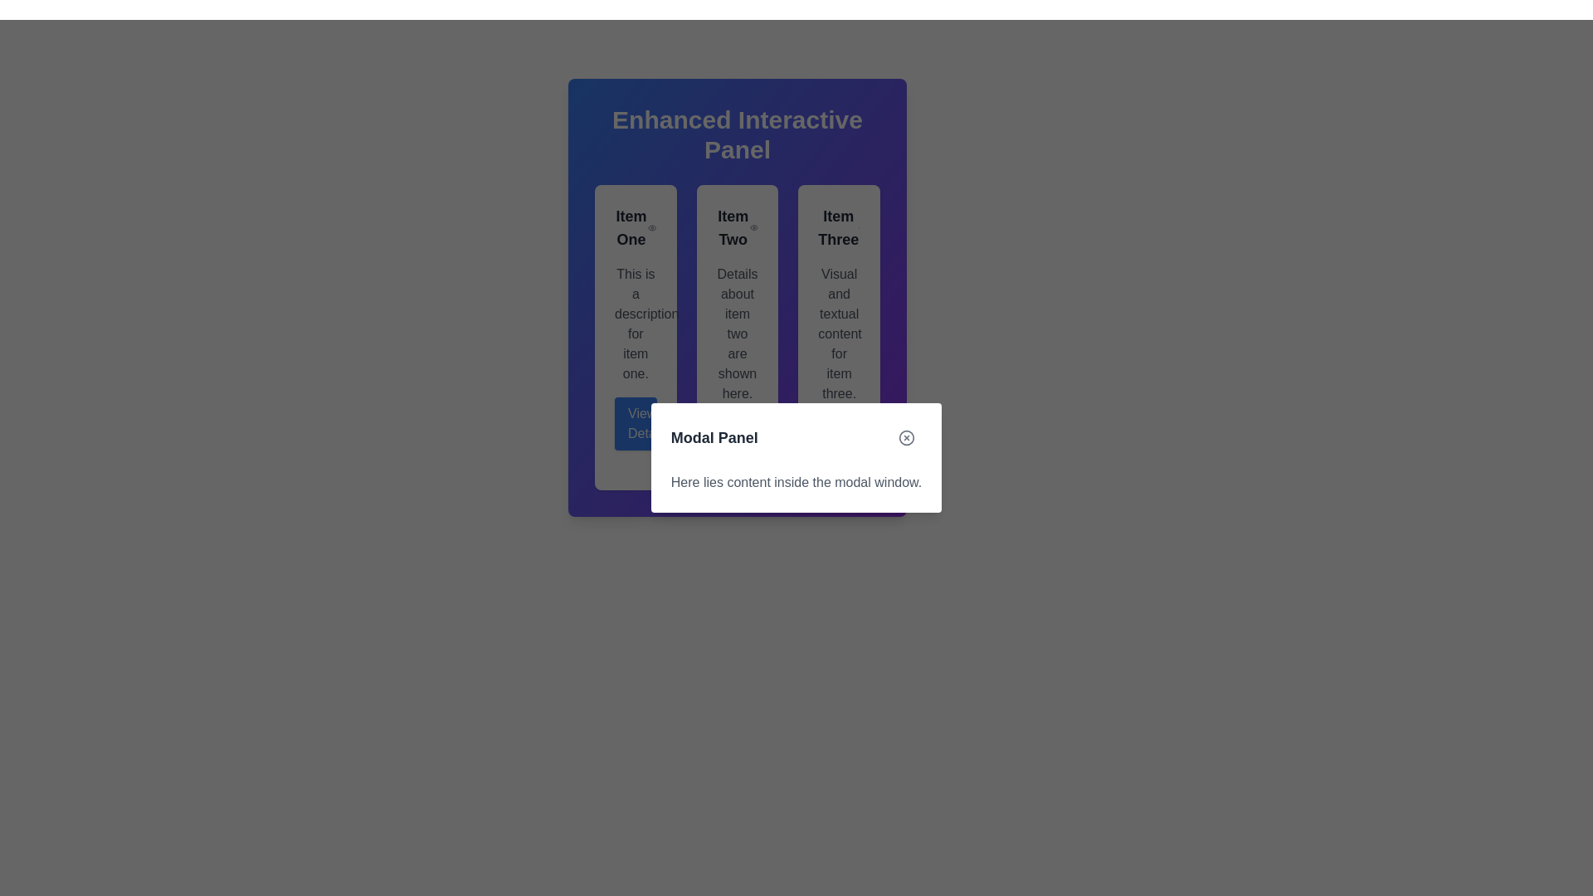 Image resolution: width=1593 pixels, height=896 pixels. What do you see at coordinates (635, 227) in the screenshot?
I see `the eye icon associated with the label for 'Item One'` at bounding box center [635, 227].